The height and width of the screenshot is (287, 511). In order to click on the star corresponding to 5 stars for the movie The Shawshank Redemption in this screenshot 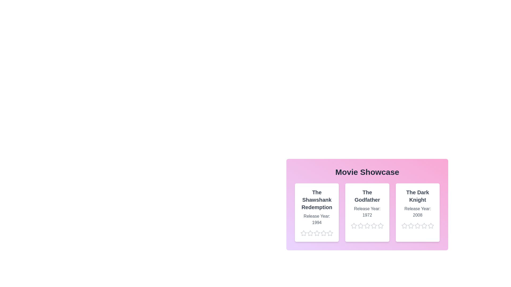, I will do `click(327, 233)`.